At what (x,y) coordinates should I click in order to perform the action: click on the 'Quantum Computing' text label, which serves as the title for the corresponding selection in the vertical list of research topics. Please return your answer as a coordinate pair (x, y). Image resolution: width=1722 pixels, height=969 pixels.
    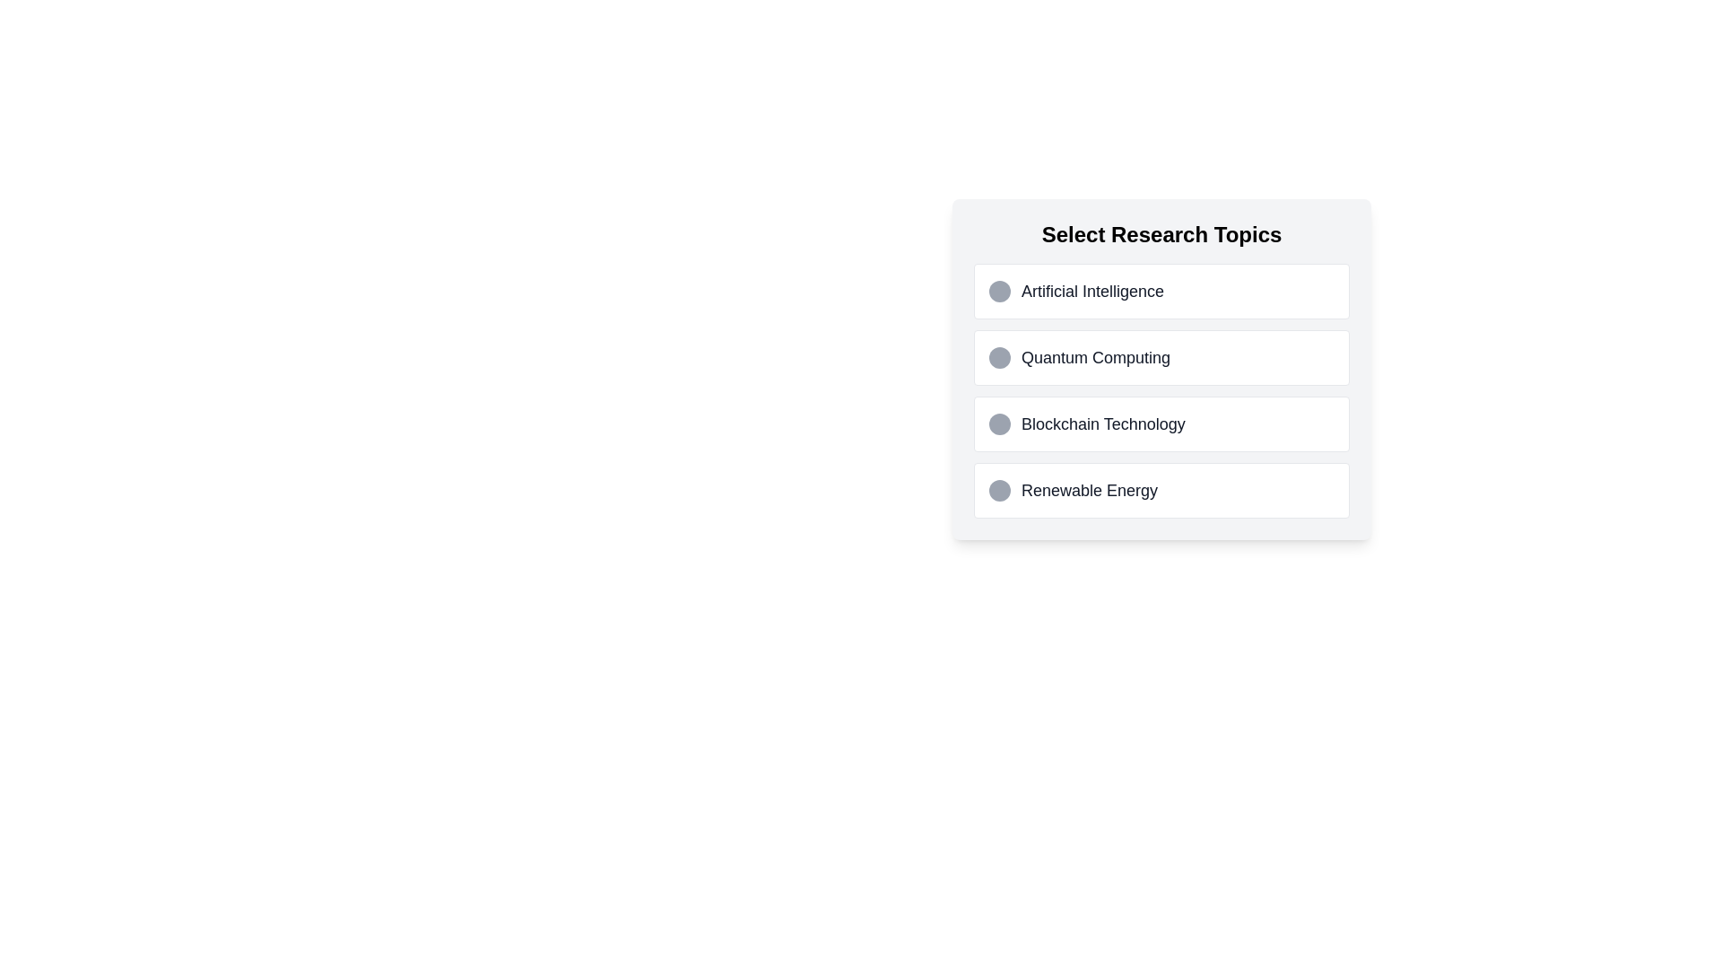
    Looking at the image, I should click on (1095, 357).